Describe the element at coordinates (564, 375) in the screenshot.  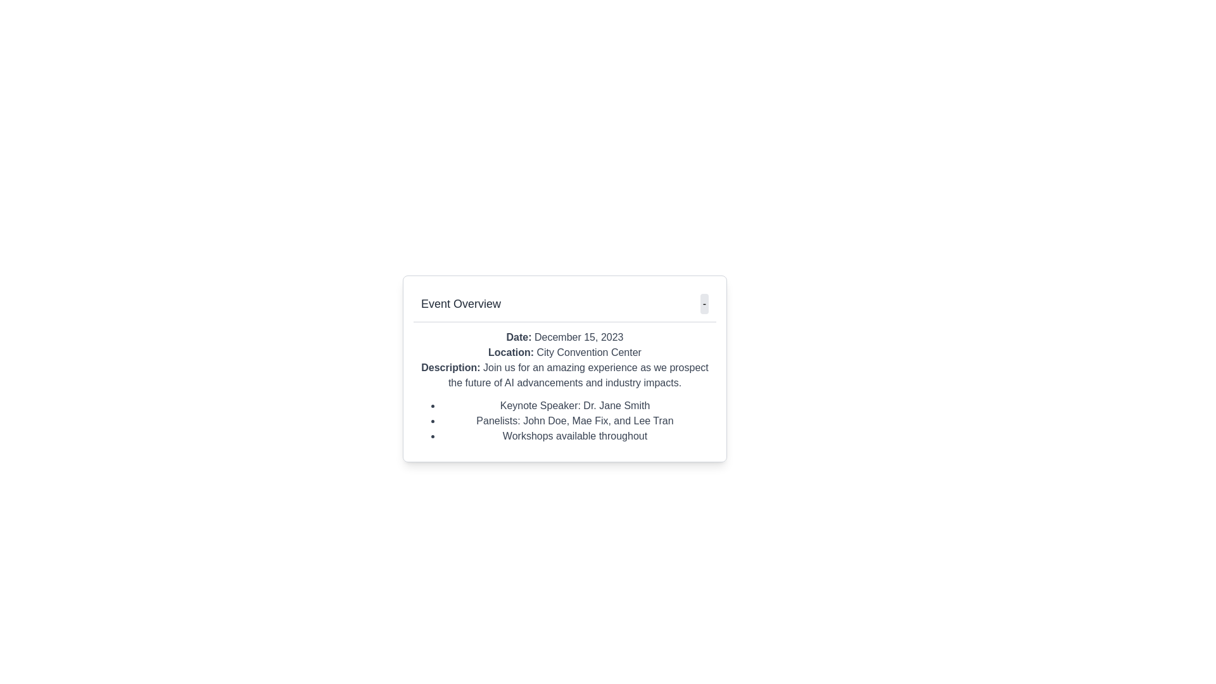
I see `the text block that provides a descriptive summary about the event, located between the 'Location: City Convention Center' and 'Keynote Speaker: Dr. Jane Smith' sections` at that location.